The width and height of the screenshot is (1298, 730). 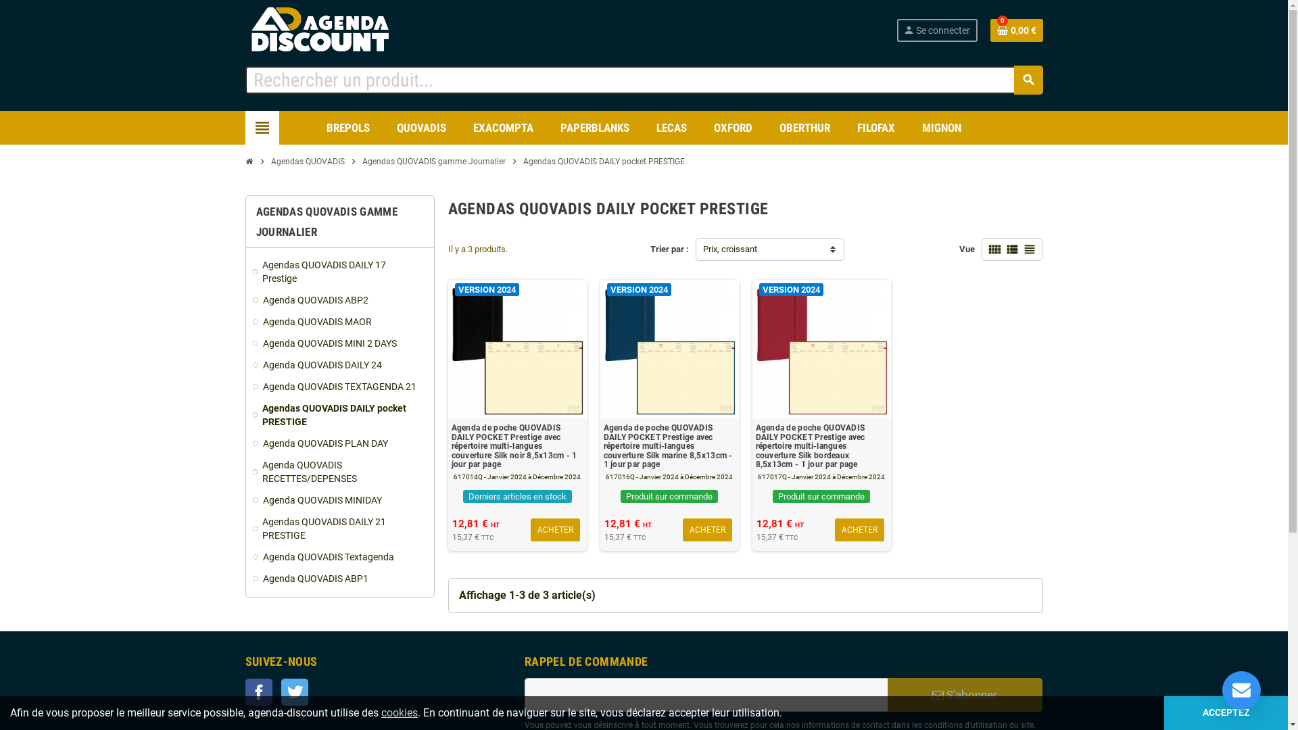 What do you see at coordinates (340, 557) in the screenshot?
I see `'Agenda QUOVADIS Textagenda'` at bounding box center [340, 557].